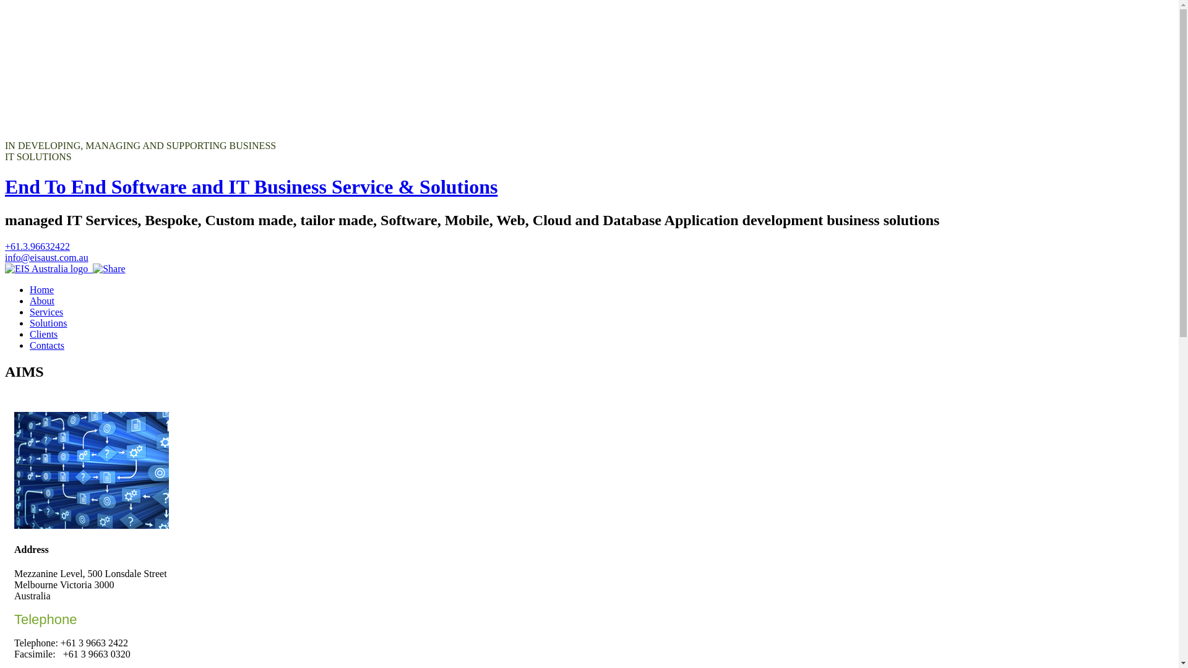 This screenshot has width=1188, height=668. What do you see at coordinates (41, 289) in the screenshot?
I see `'Home'` at bounding box center [41, 289].